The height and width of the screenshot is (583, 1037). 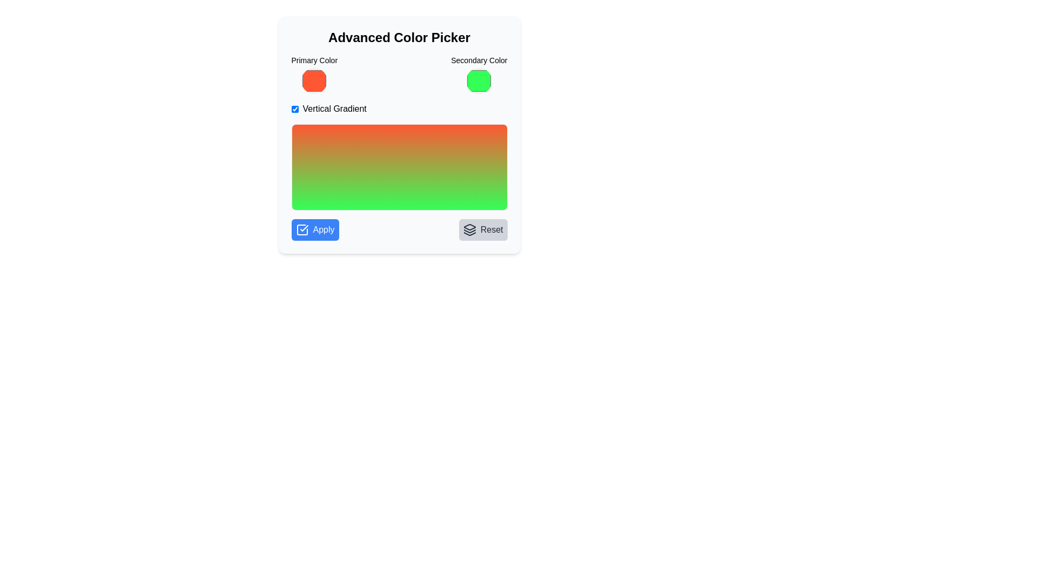 I want to click on the checkbox that toggles the 'Vertical Gradient' feature on or off, located to the left of the label 'Vertical Gradient', so click(x=295, y=109).